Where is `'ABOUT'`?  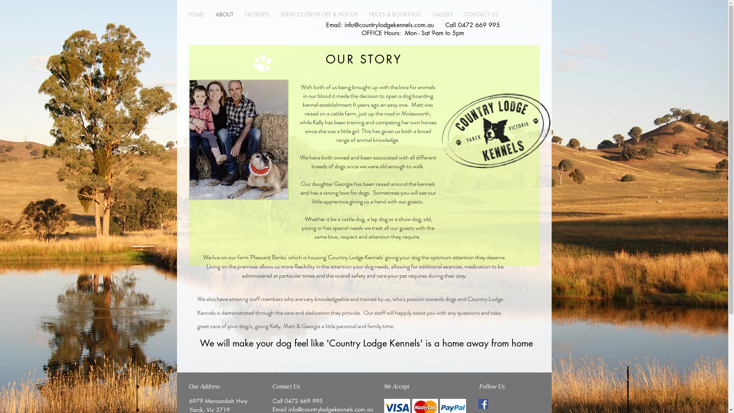
'ABOUT' is located at coordinates (209, 15).